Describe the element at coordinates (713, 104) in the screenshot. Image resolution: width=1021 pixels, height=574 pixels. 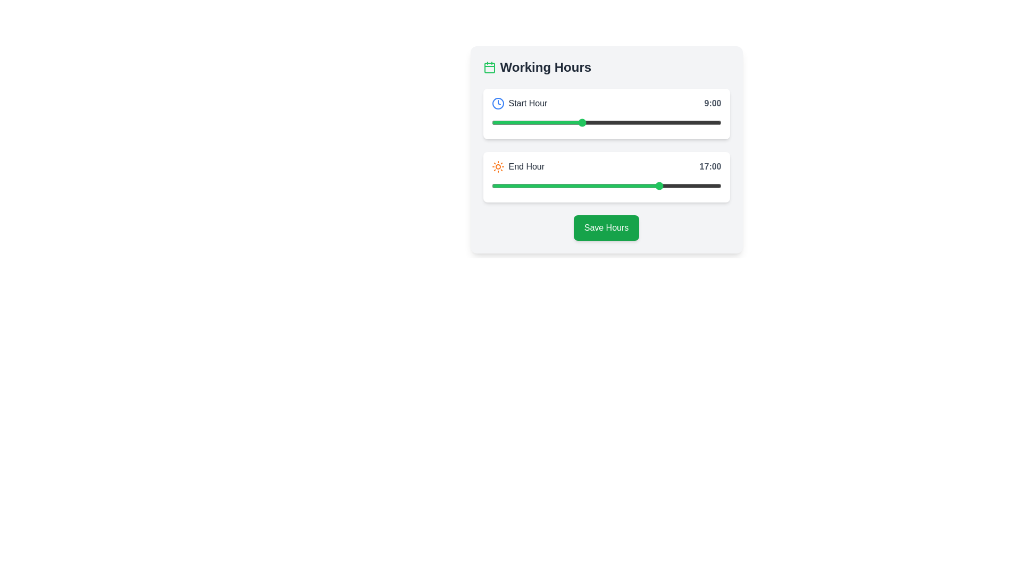
I see `the Text label that indicates the starting hour, located at the top-right corner of the 'Start Hour' section in the 'Working Hours' card, adjacent to a clock icon` at that location.